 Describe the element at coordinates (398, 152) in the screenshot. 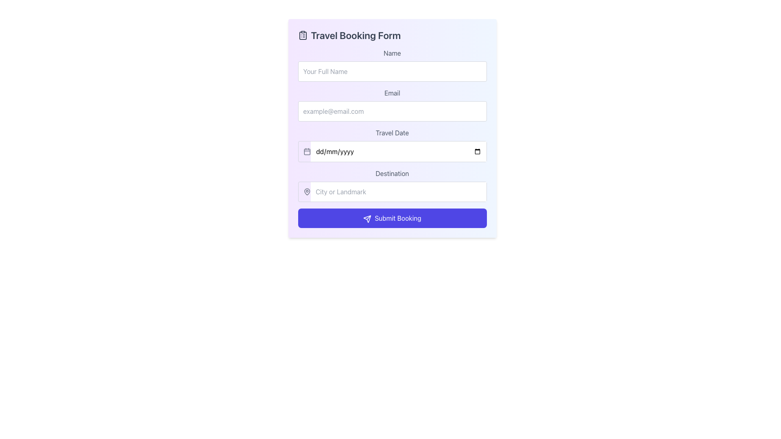

I see `the Date Input Field for 'Travel Date'` at that location.